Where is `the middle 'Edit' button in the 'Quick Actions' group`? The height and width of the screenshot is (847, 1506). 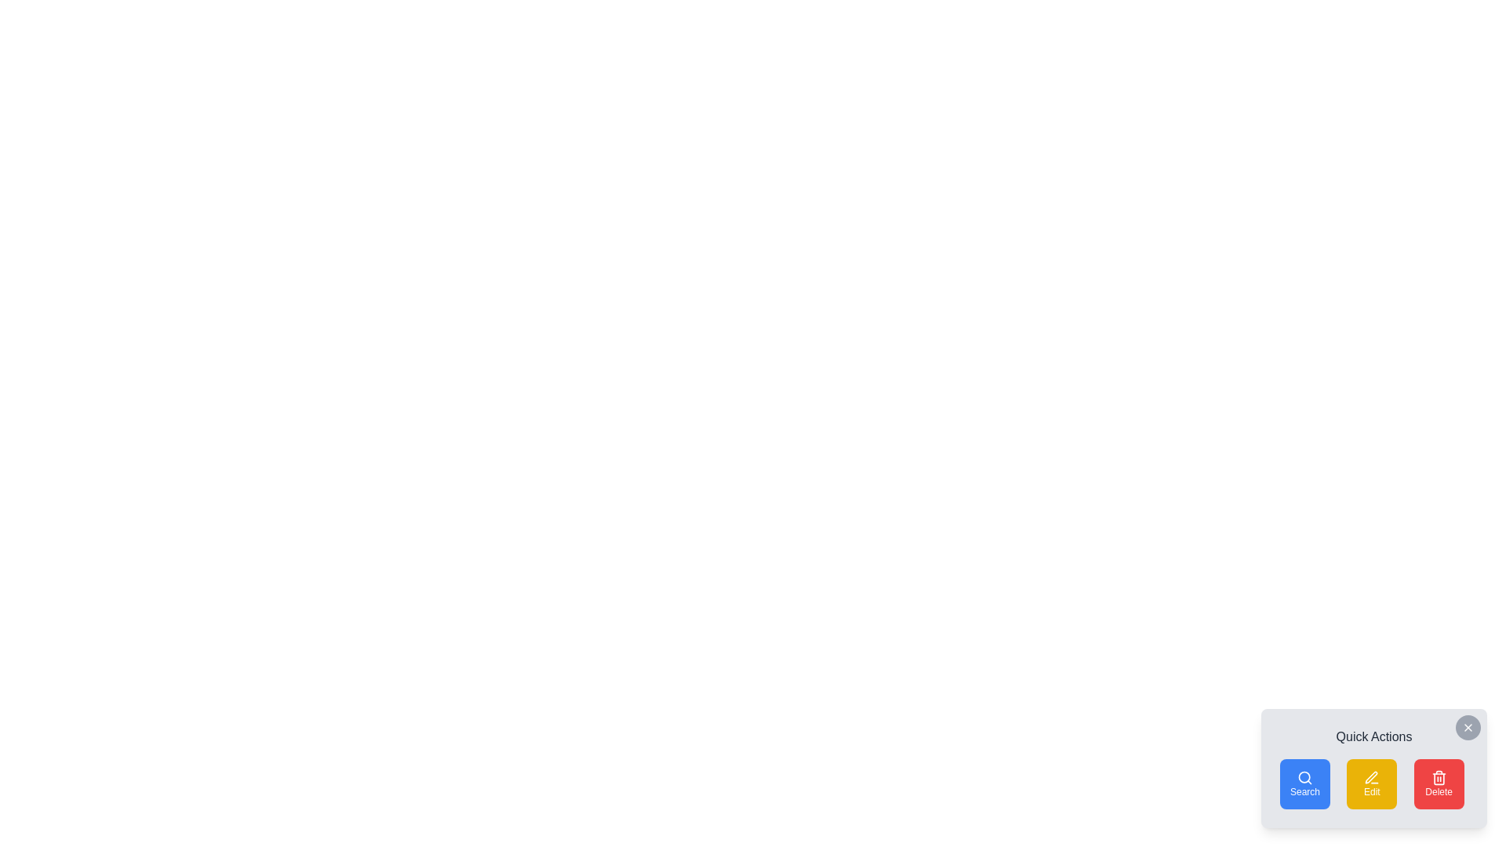 the middle 'Edit' button in the 'Quick Actions' group is located at coordinates (1371, 783).